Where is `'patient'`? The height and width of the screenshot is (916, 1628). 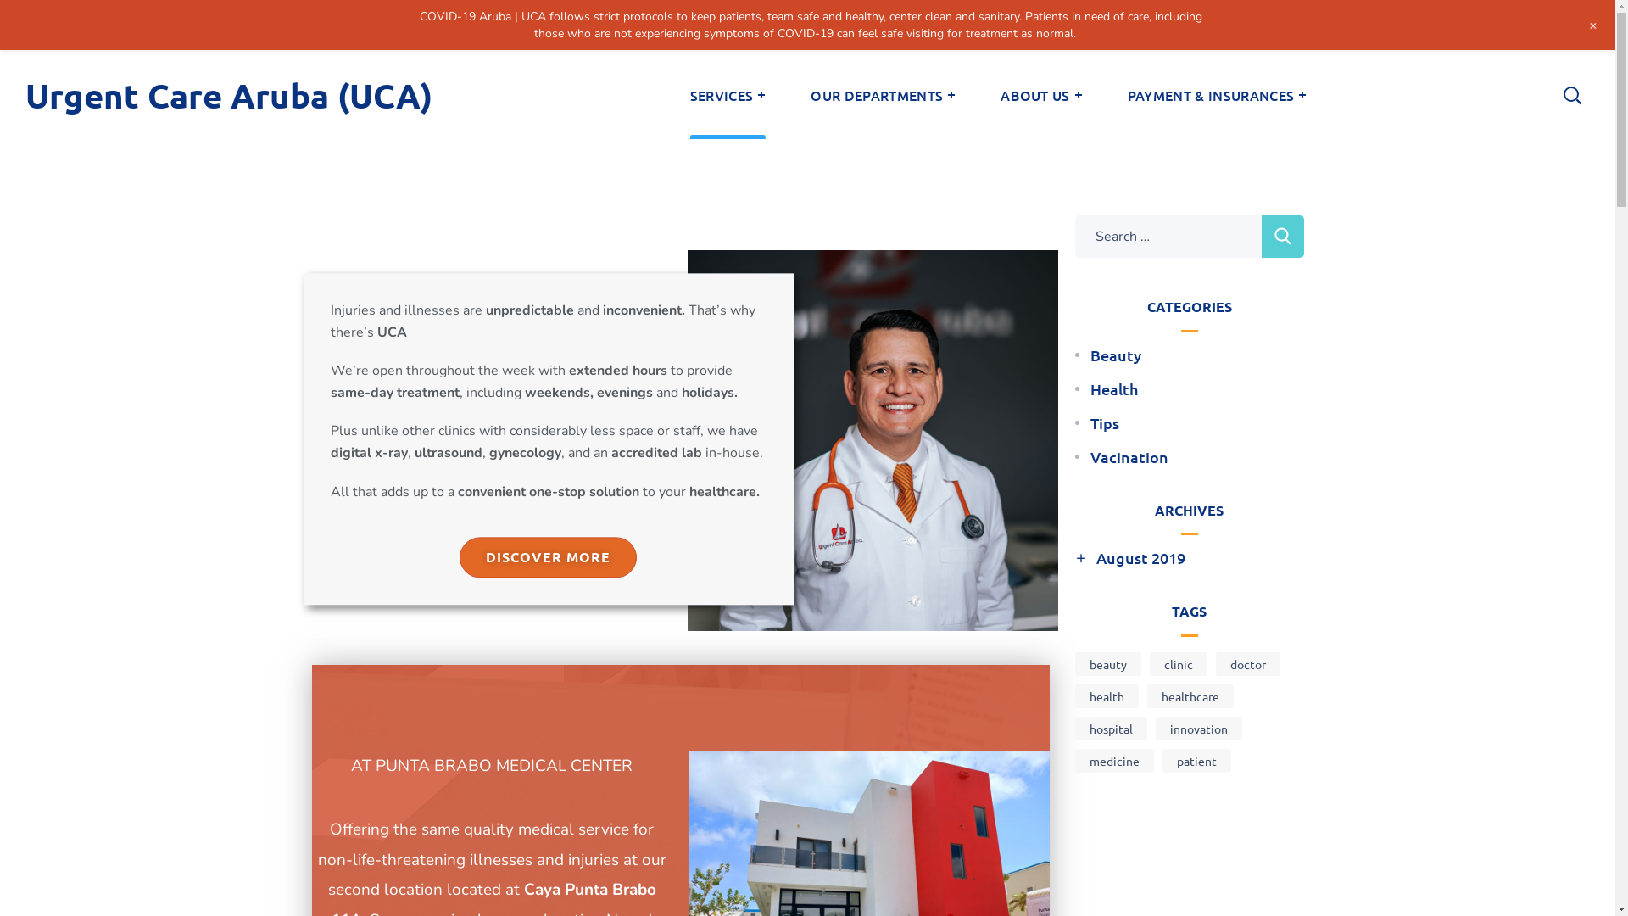 'patient' is located at coordinates (1195, 760).